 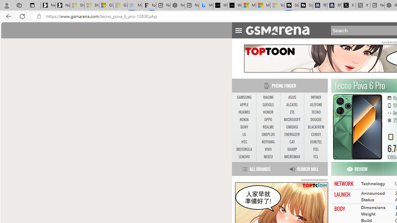 What do you see at coordinates (316, 104) in the screenshot?
I see `'ULEFONE'` at bounding box center [316, 104].